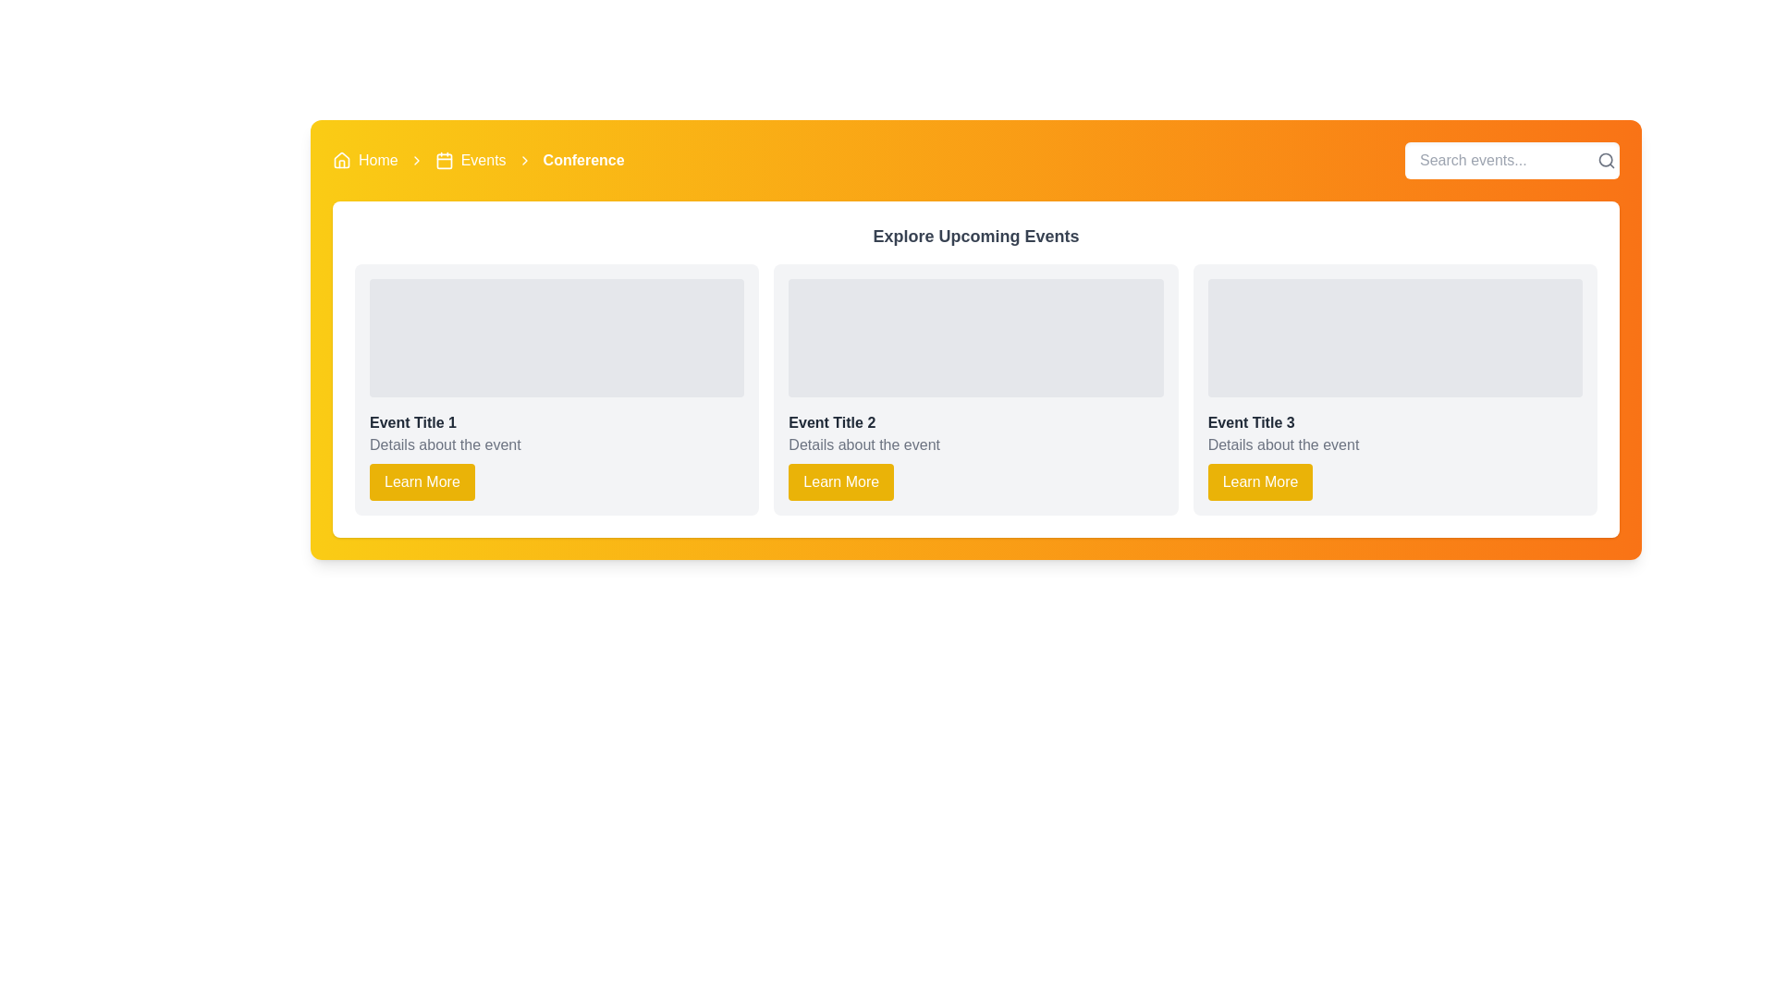 The image size is (1775, 998). I want to click on the small right-facing chevron icon in the breadcrumb navigation bar, which separates the 'Home' and 'Events' links, so click(415, 159).